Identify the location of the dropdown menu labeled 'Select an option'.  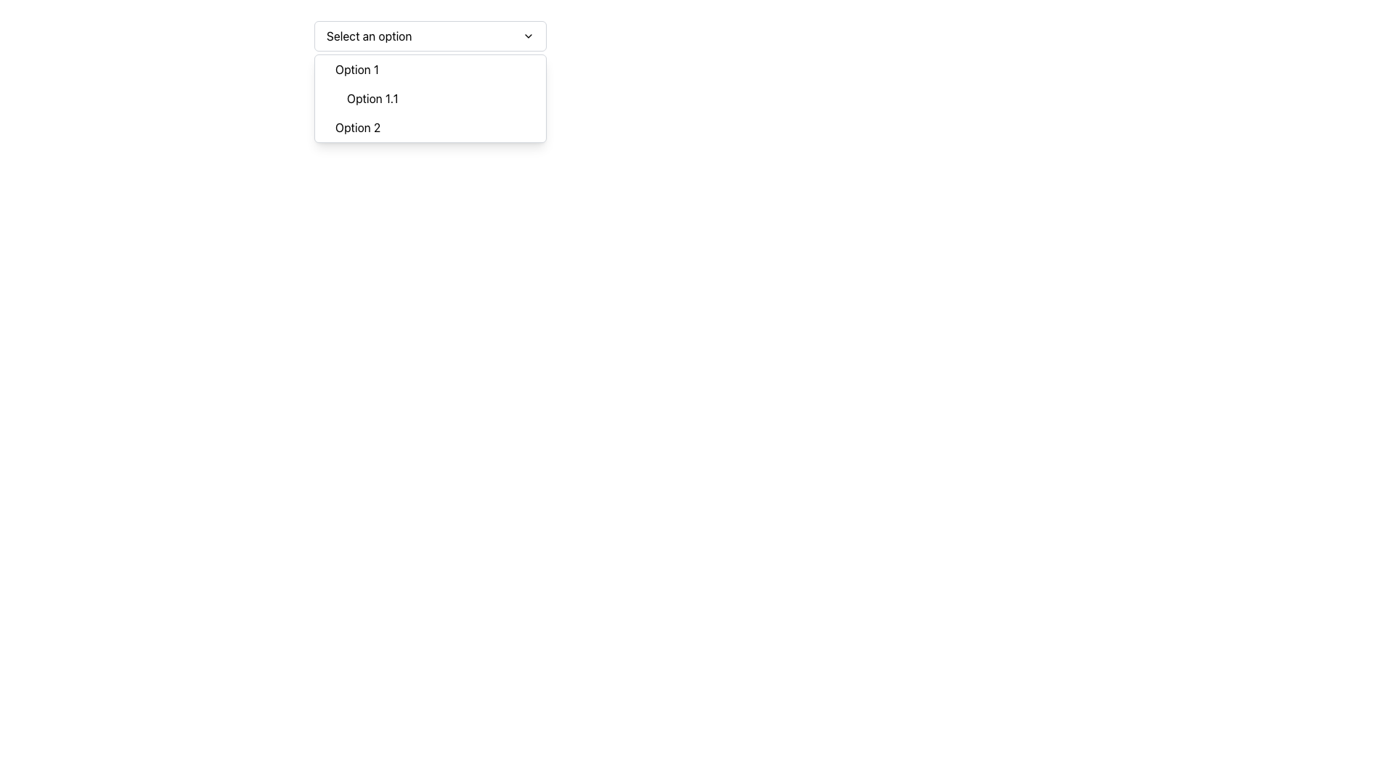
(430, 36).